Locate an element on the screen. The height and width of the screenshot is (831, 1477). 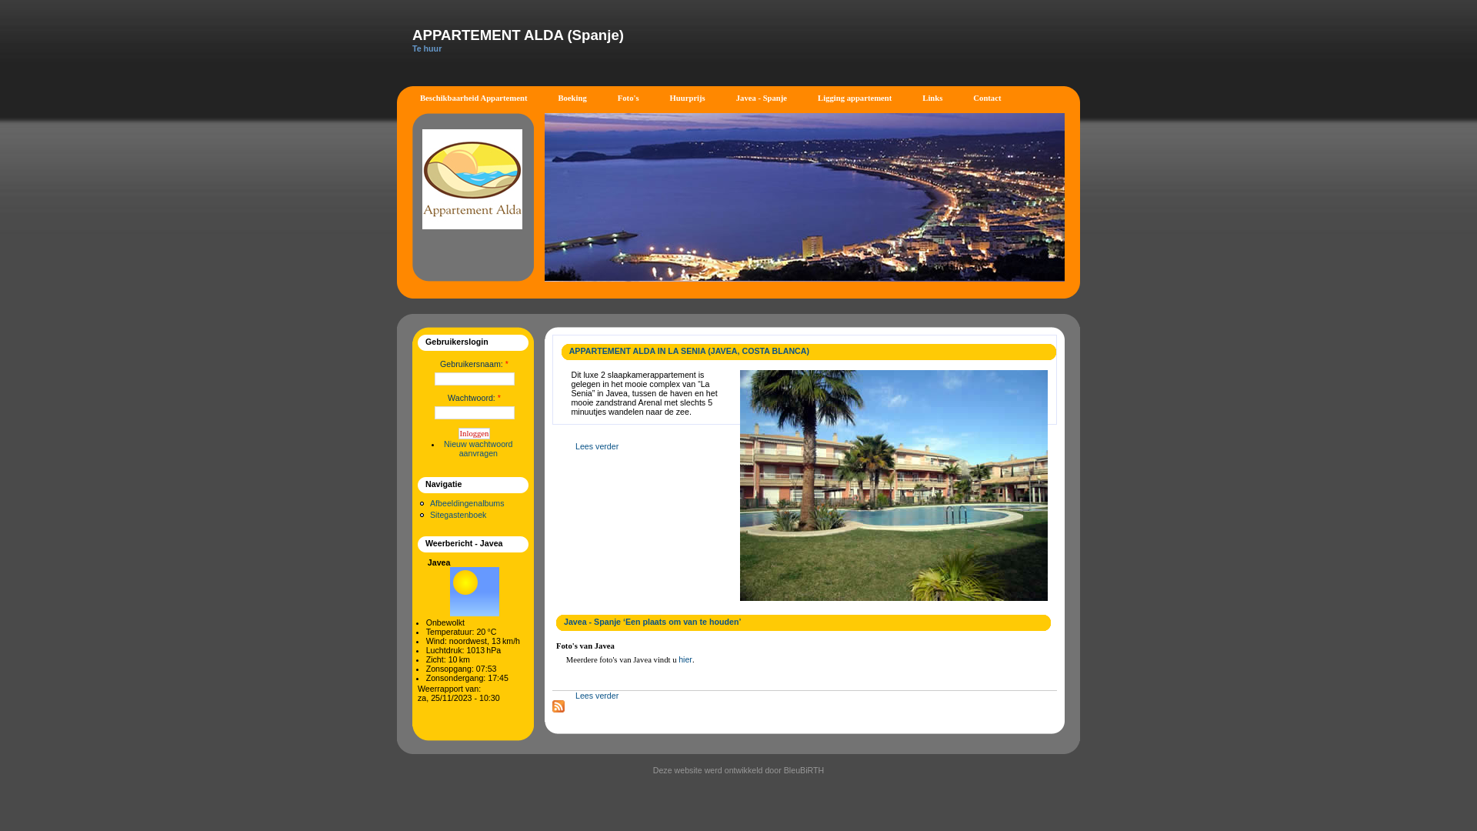
'APPARTEMENT ALDA (Spanje)' is located at coordinates (518, 35).